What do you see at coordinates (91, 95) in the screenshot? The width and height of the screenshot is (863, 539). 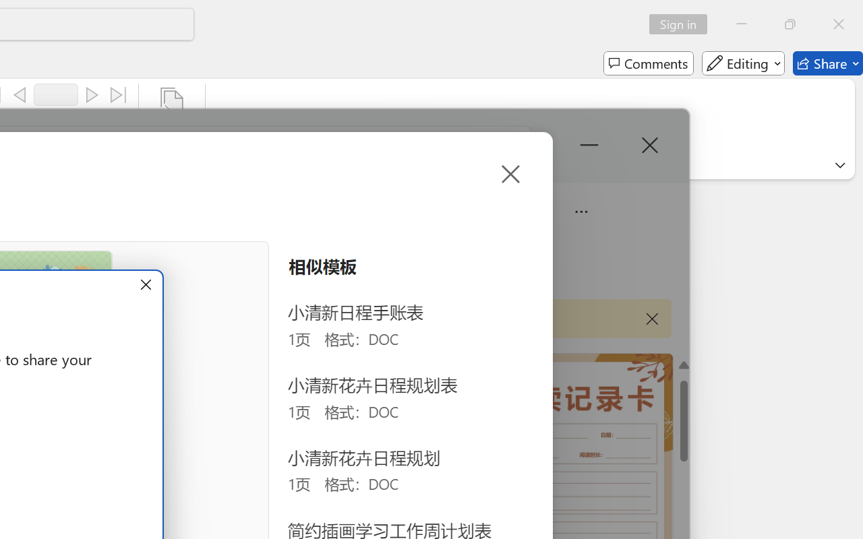 I see `'Next'` at bounding box center [91, 95].